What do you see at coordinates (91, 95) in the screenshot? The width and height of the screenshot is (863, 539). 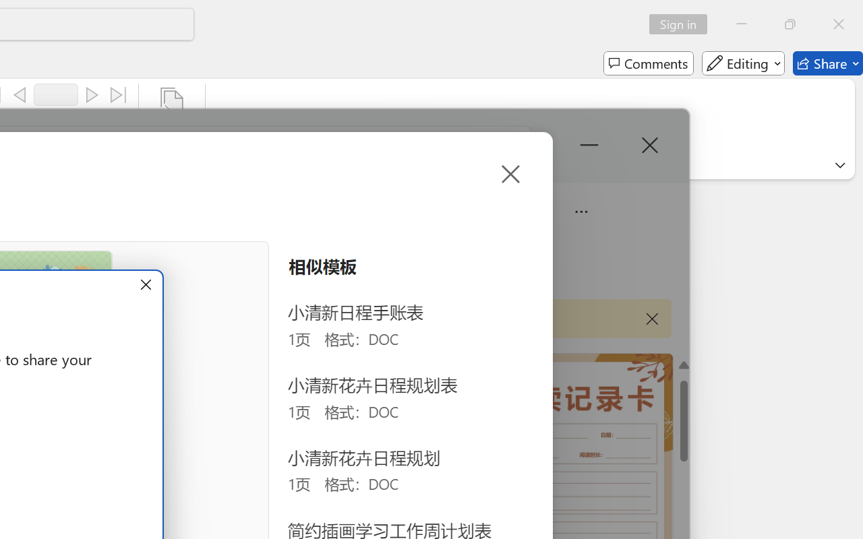 I see `'Next'` at bounding box center [91, 95].